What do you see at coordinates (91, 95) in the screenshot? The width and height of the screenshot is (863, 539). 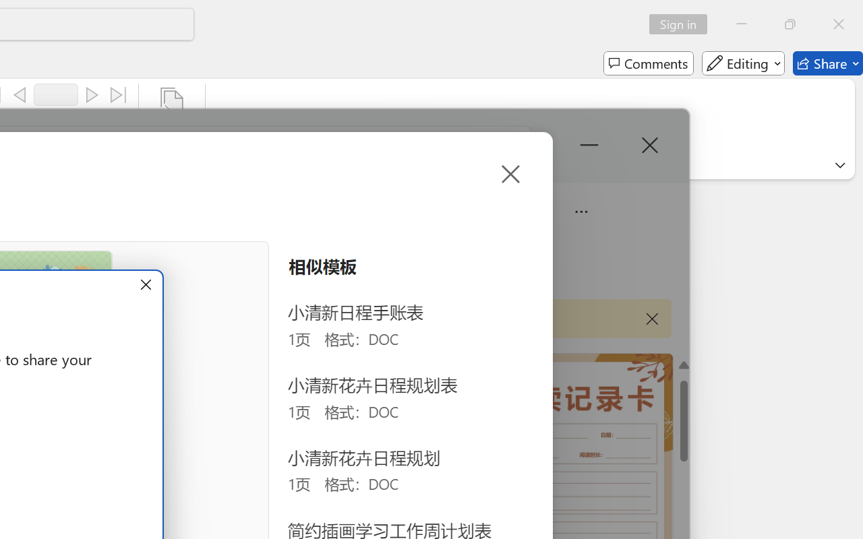 I see `'Next'` at bounding box center [91, 95].